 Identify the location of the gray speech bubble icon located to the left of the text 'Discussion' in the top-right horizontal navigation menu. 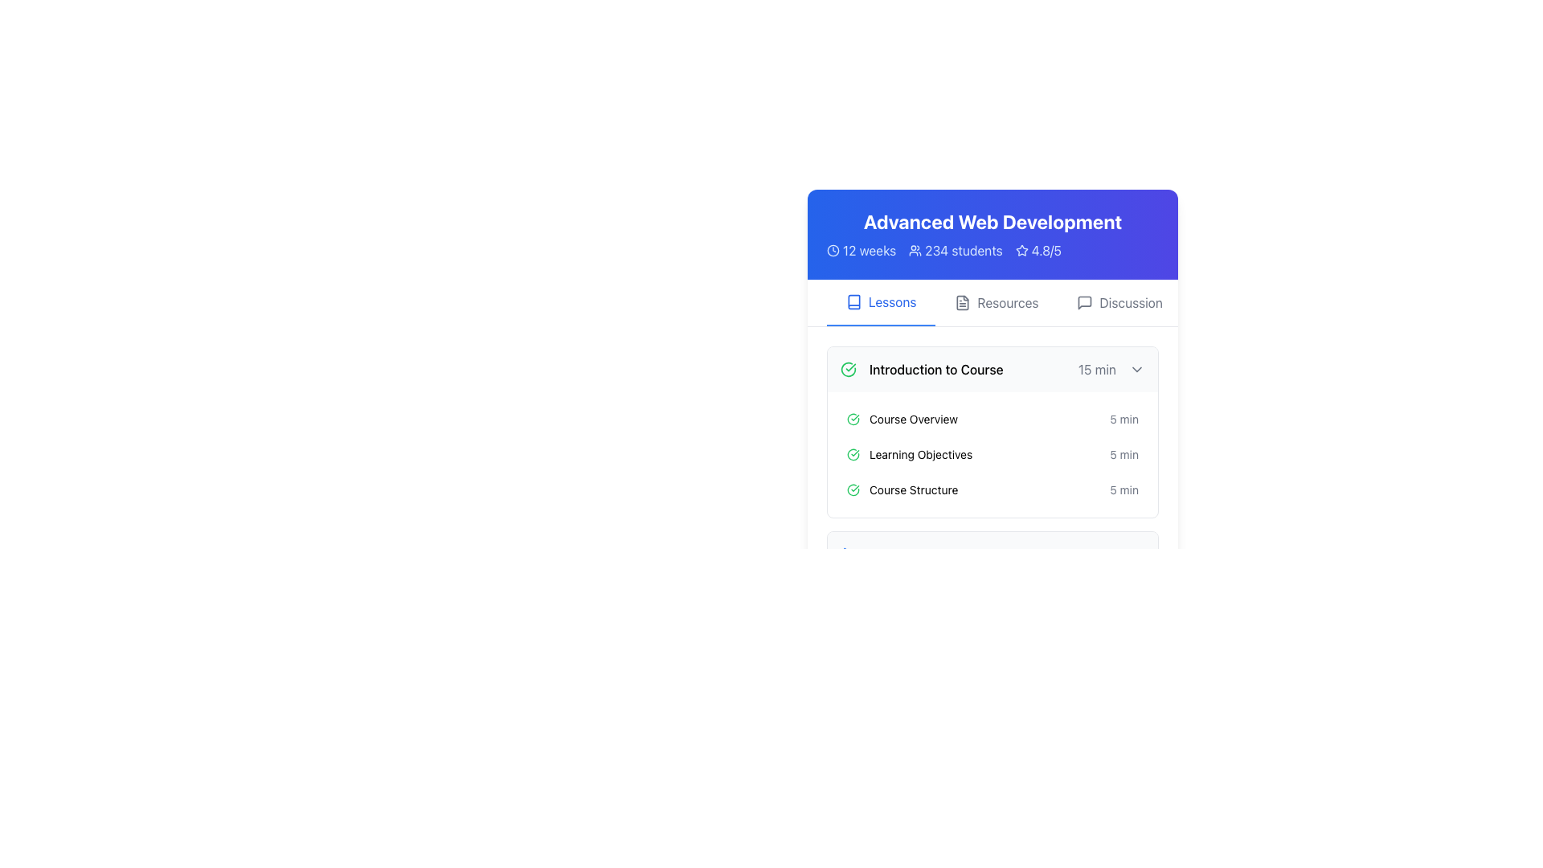
(1085, 303).